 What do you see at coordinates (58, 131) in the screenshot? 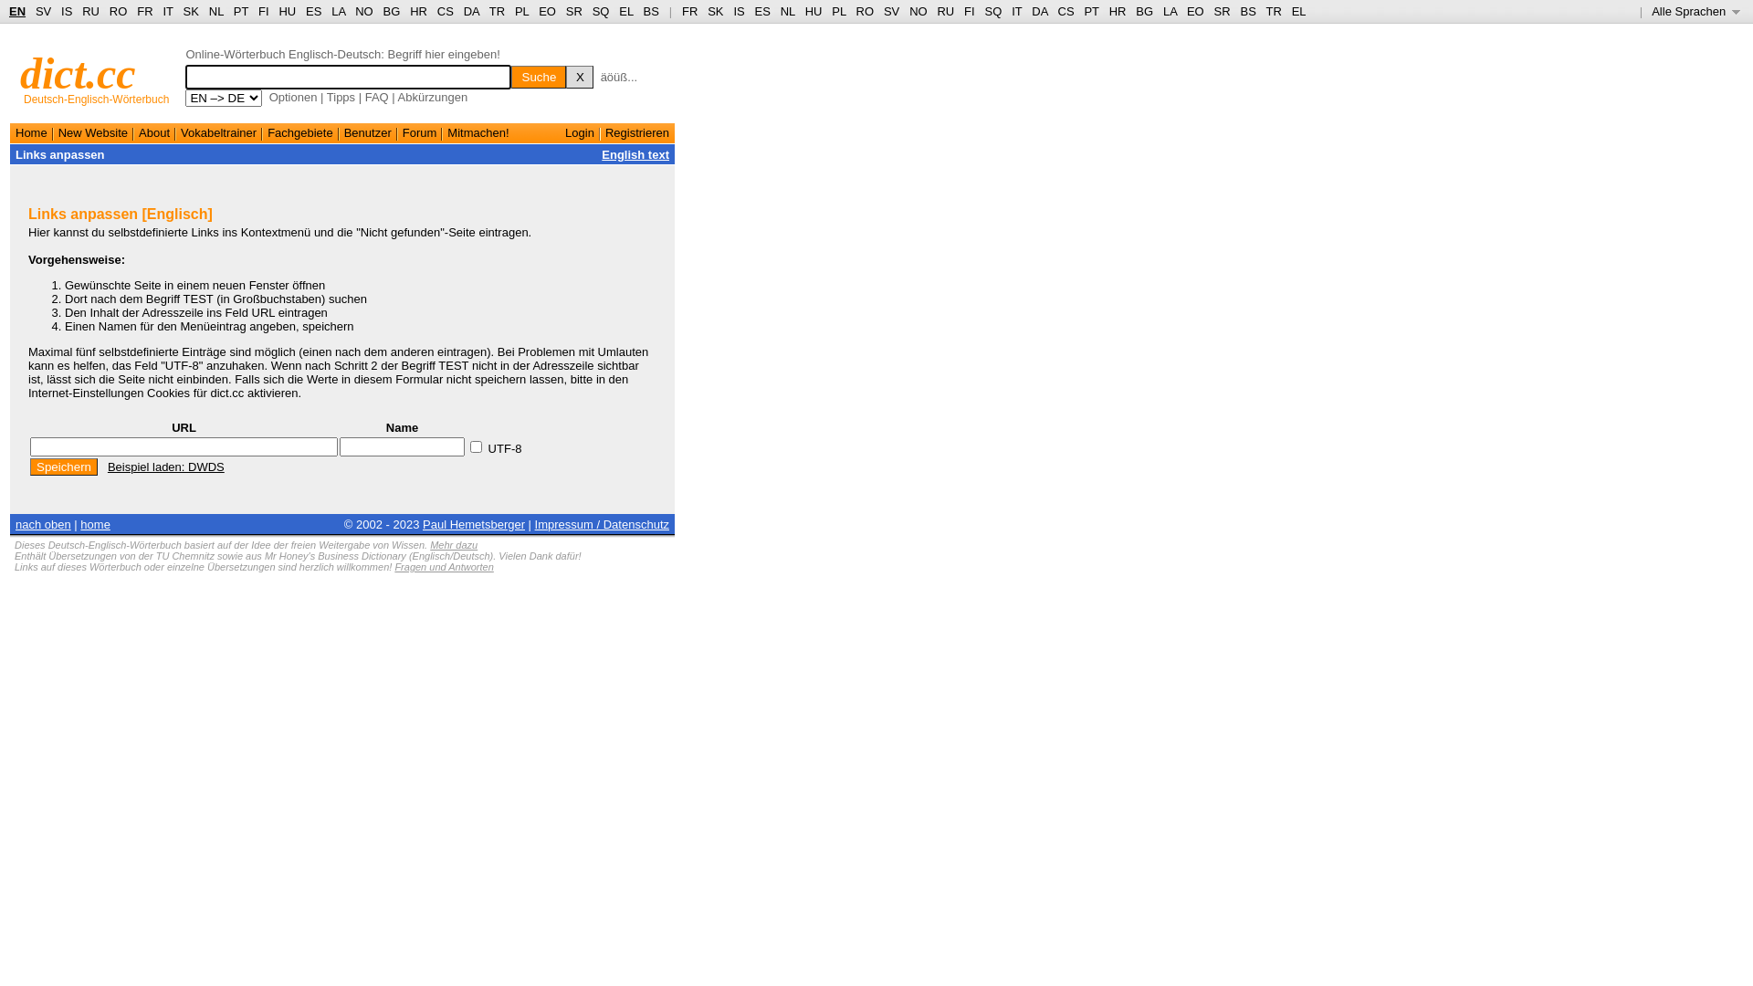
I see `'New Website'` at bounding box center [58, 131].